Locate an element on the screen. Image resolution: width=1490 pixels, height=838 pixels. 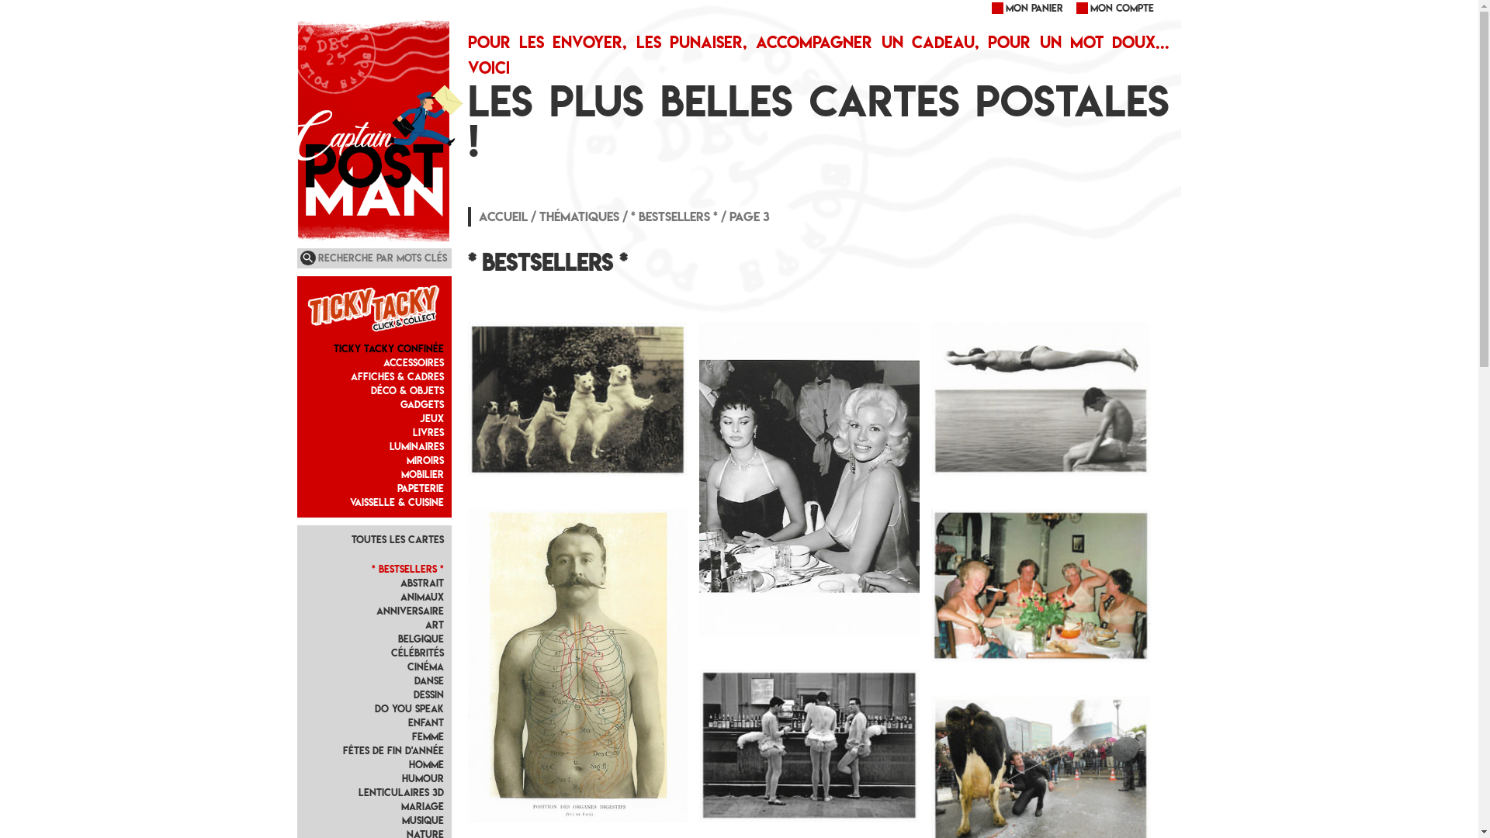
'Homme' is located at coordinates (426, 764).